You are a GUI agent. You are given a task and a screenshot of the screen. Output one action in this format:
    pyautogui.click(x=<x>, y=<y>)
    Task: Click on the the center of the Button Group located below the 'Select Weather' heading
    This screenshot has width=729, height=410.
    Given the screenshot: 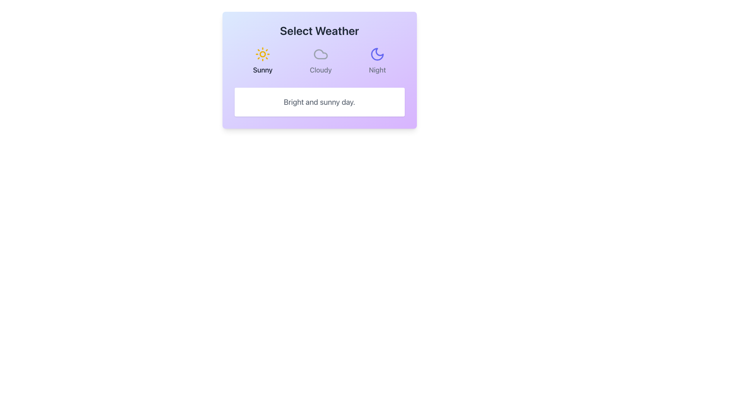 What is the action you would take?
    pyautogui.click(x=319, y=61)
    